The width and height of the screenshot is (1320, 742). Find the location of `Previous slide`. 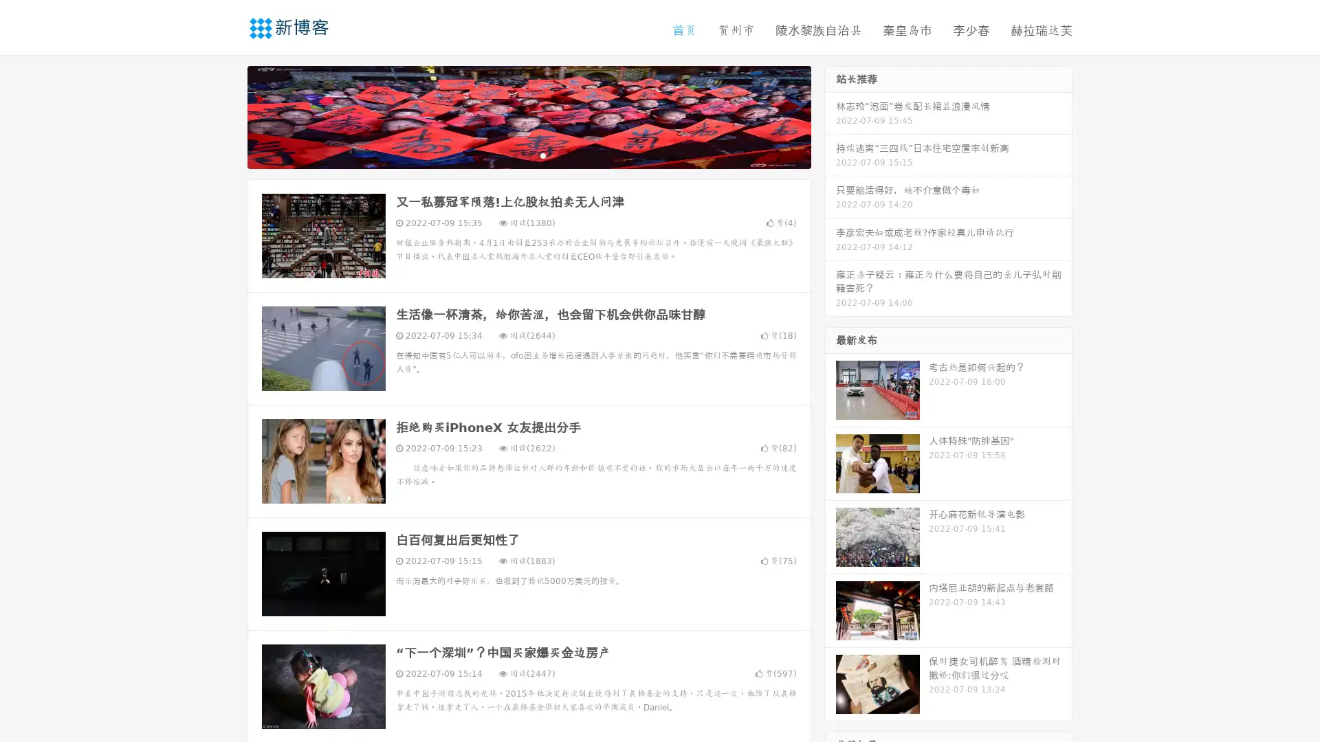

Previous slide is located at coordinates (227, 115).